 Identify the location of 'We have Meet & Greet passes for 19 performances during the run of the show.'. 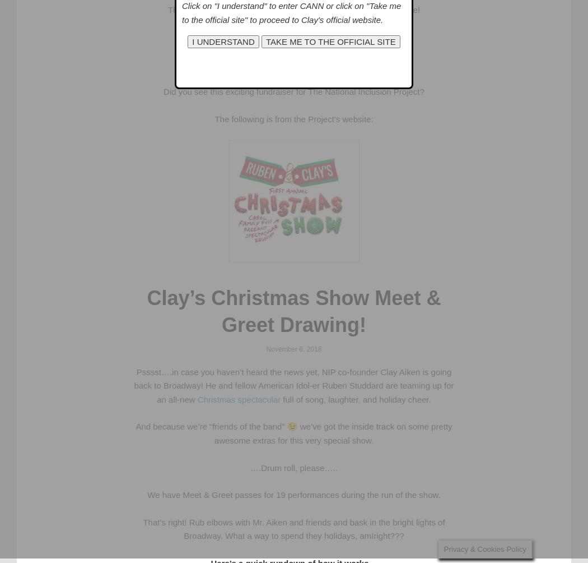
(293, 494).